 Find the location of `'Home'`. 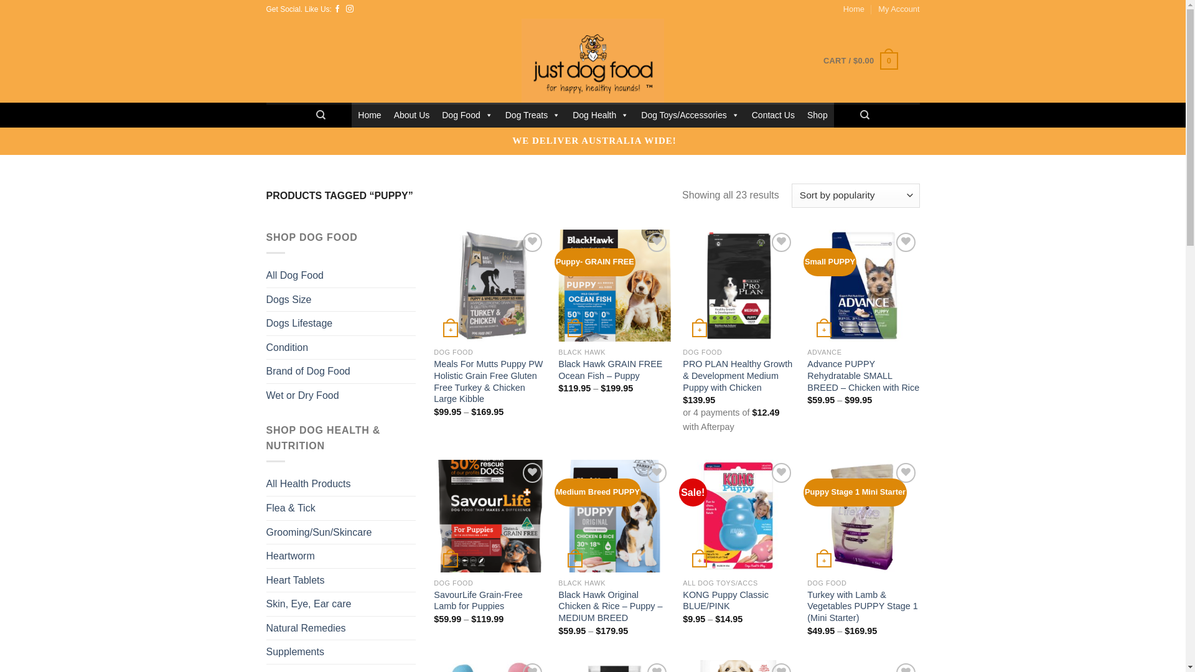

'Home' is located at coordinates (368, 115).